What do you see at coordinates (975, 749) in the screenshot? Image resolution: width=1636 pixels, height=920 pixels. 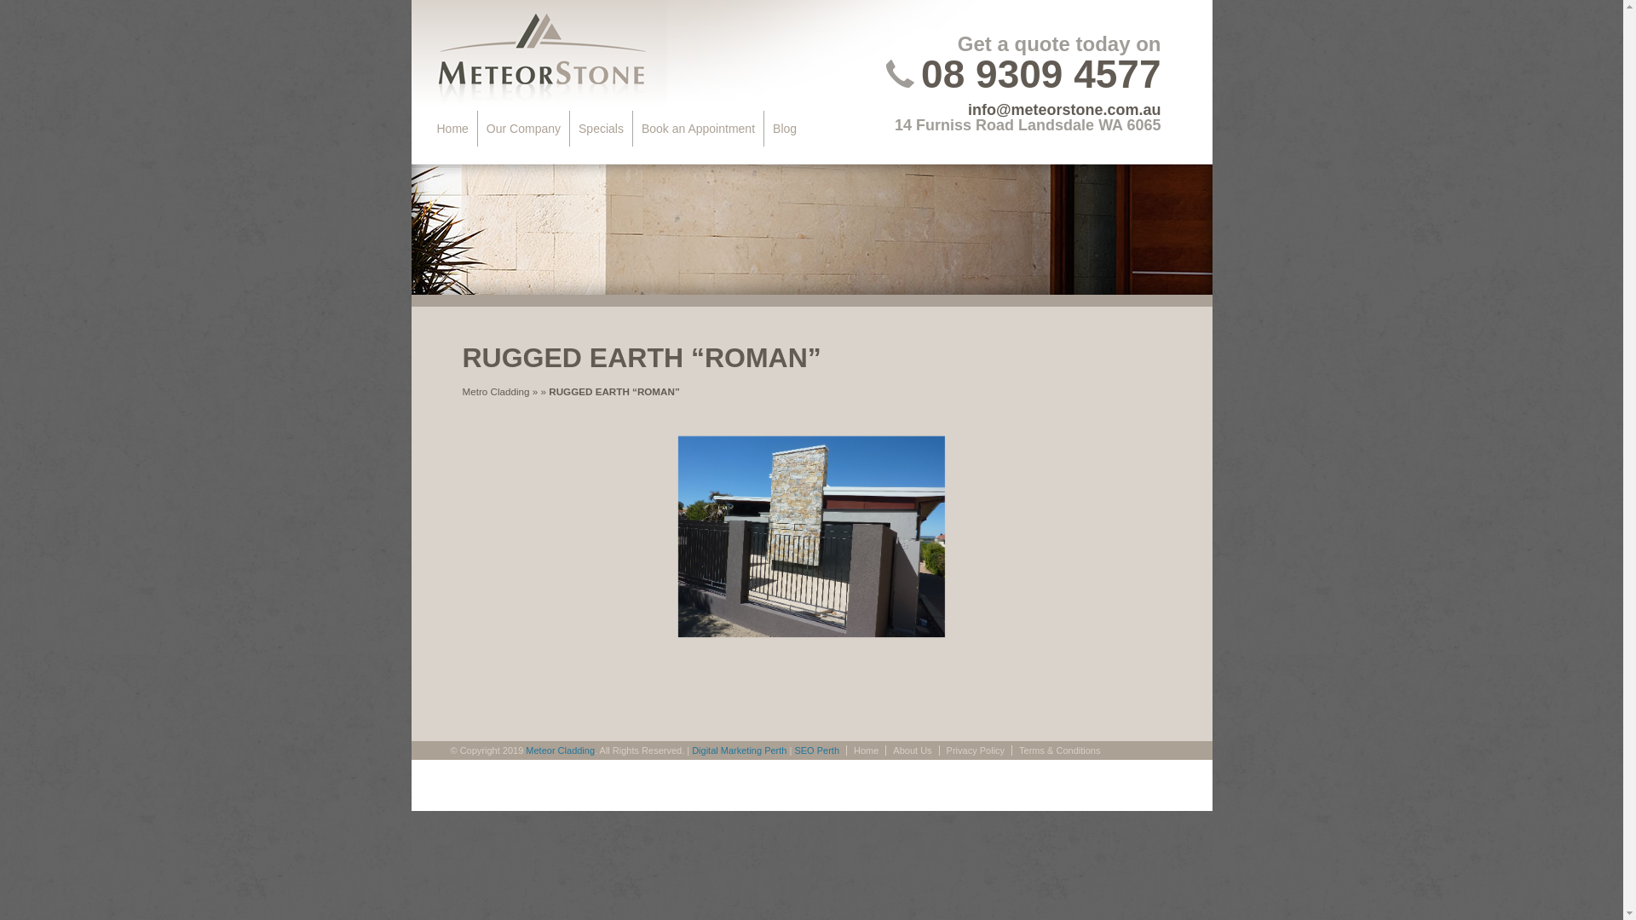 I see `'Privacy Policy'` at bounding box center [975, 749].